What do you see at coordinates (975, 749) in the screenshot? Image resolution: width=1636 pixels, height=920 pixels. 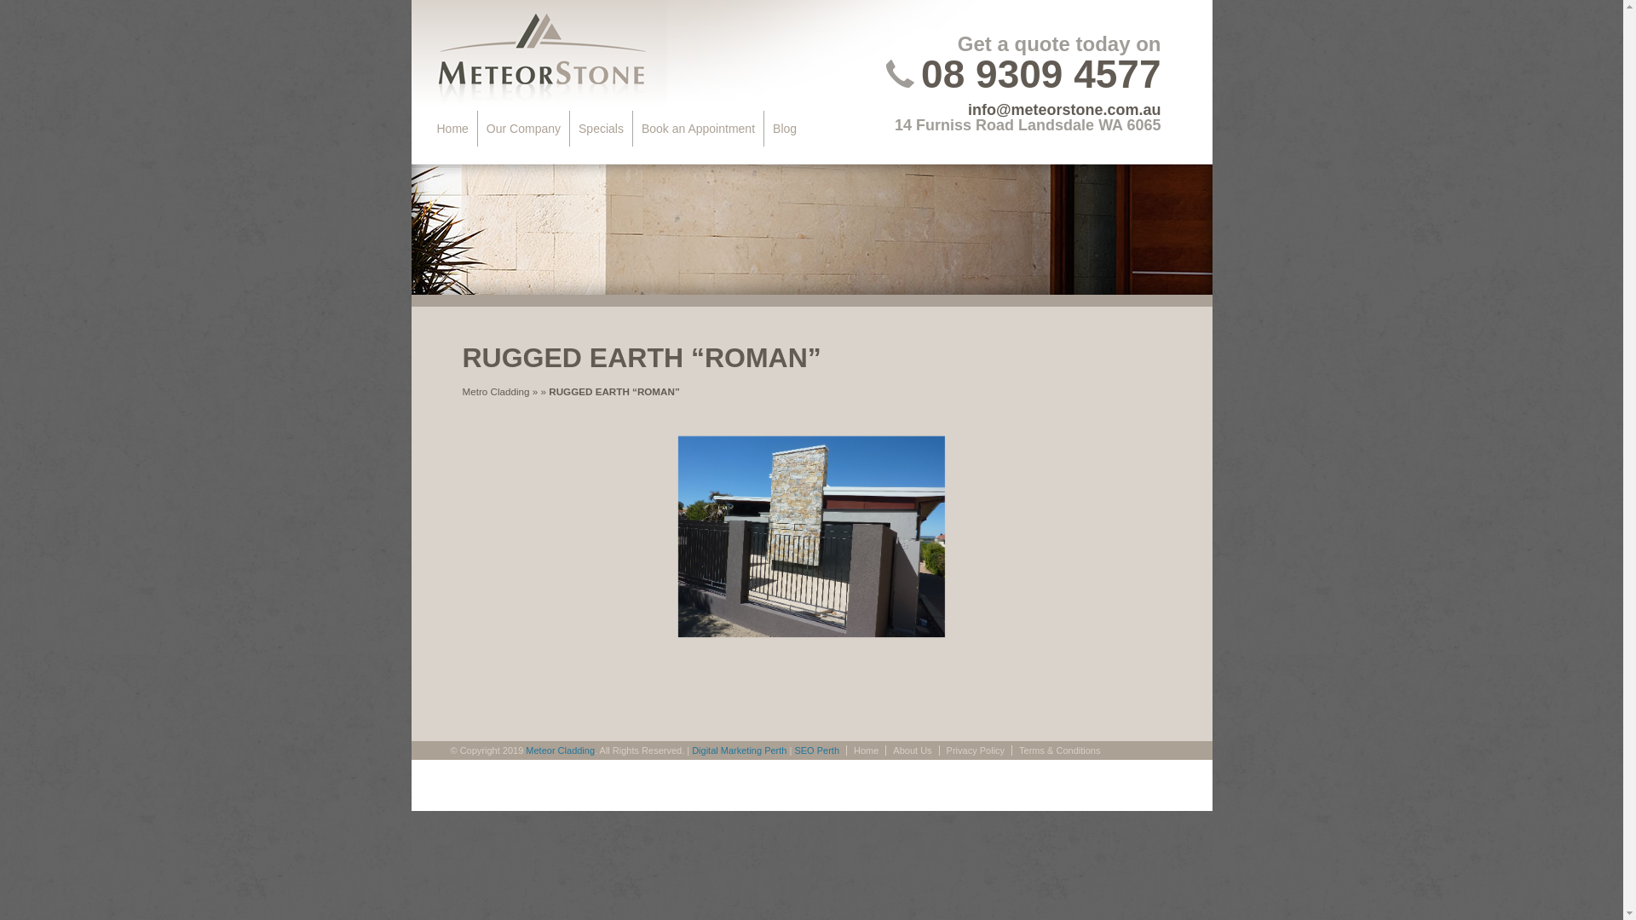 I see `'Privacy Policy'` at bounding box center [975, 749].